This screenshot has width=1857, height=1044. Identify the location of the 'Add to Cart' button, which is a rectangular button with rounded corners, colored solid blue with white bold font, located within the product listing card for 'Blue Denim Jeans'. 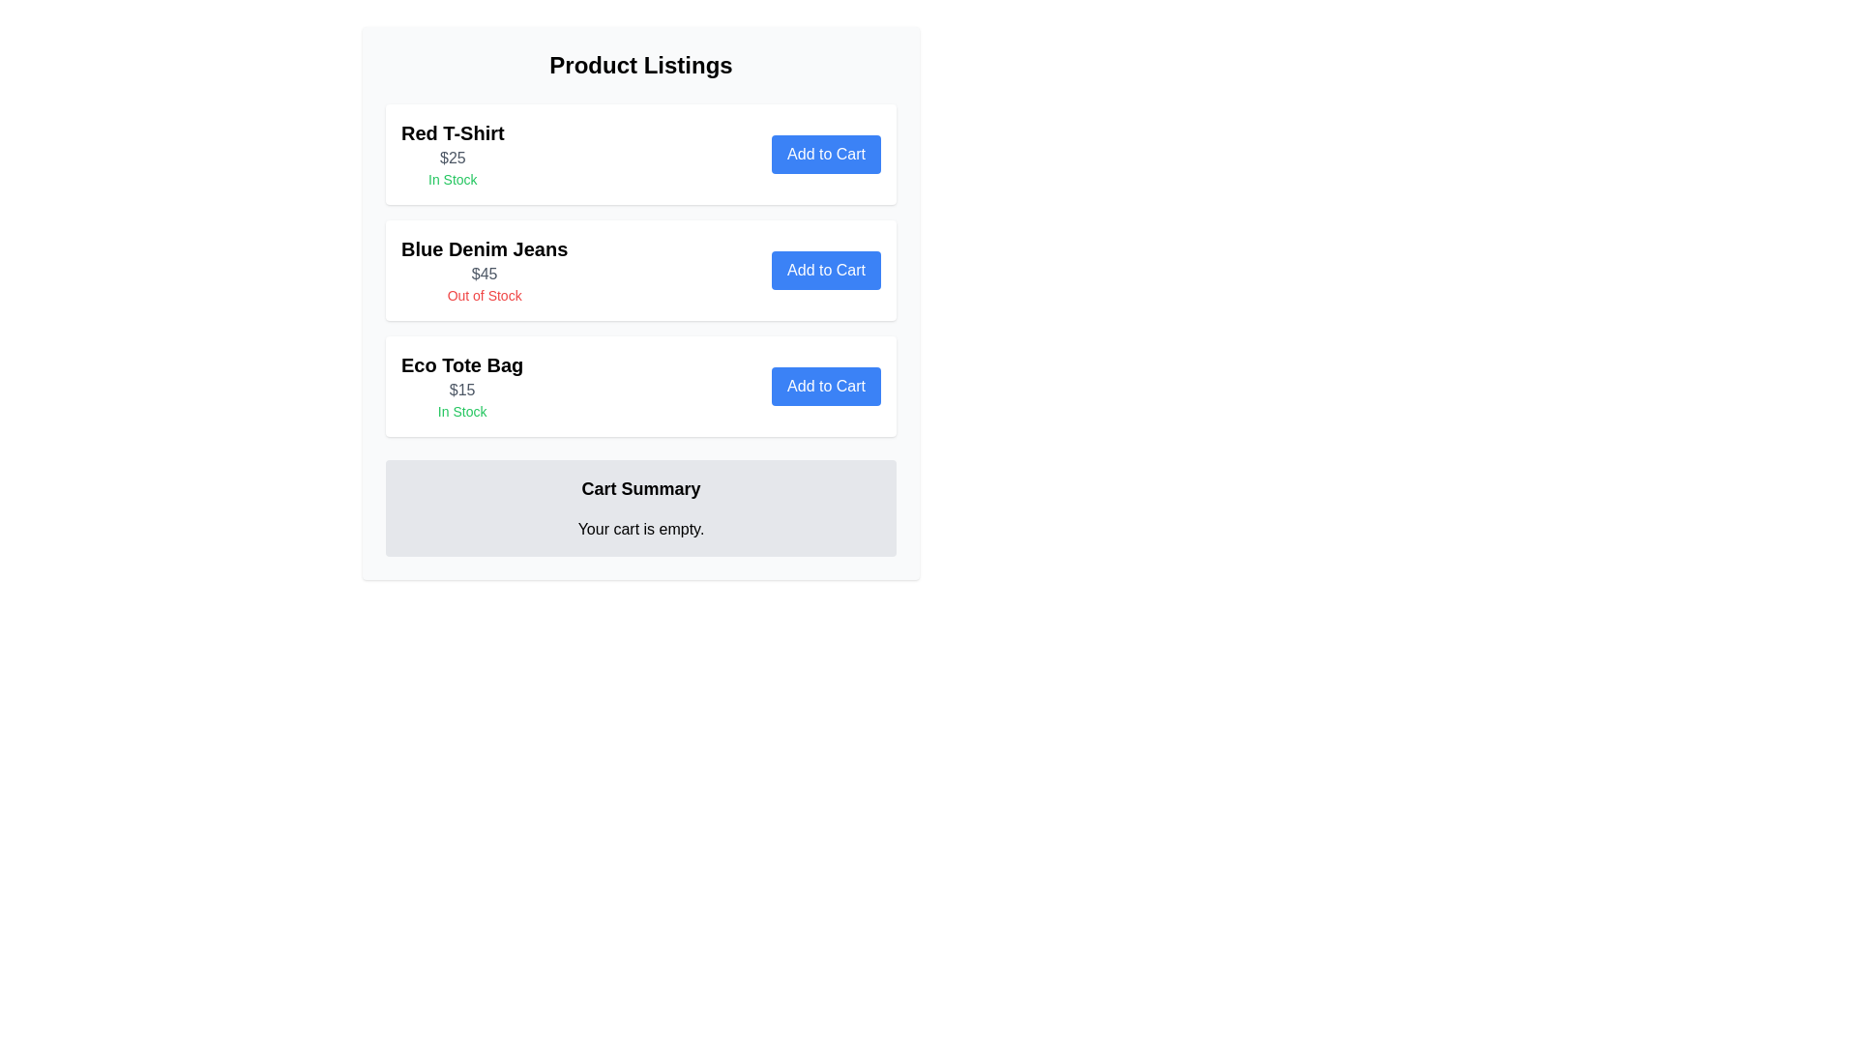
(826, 271).